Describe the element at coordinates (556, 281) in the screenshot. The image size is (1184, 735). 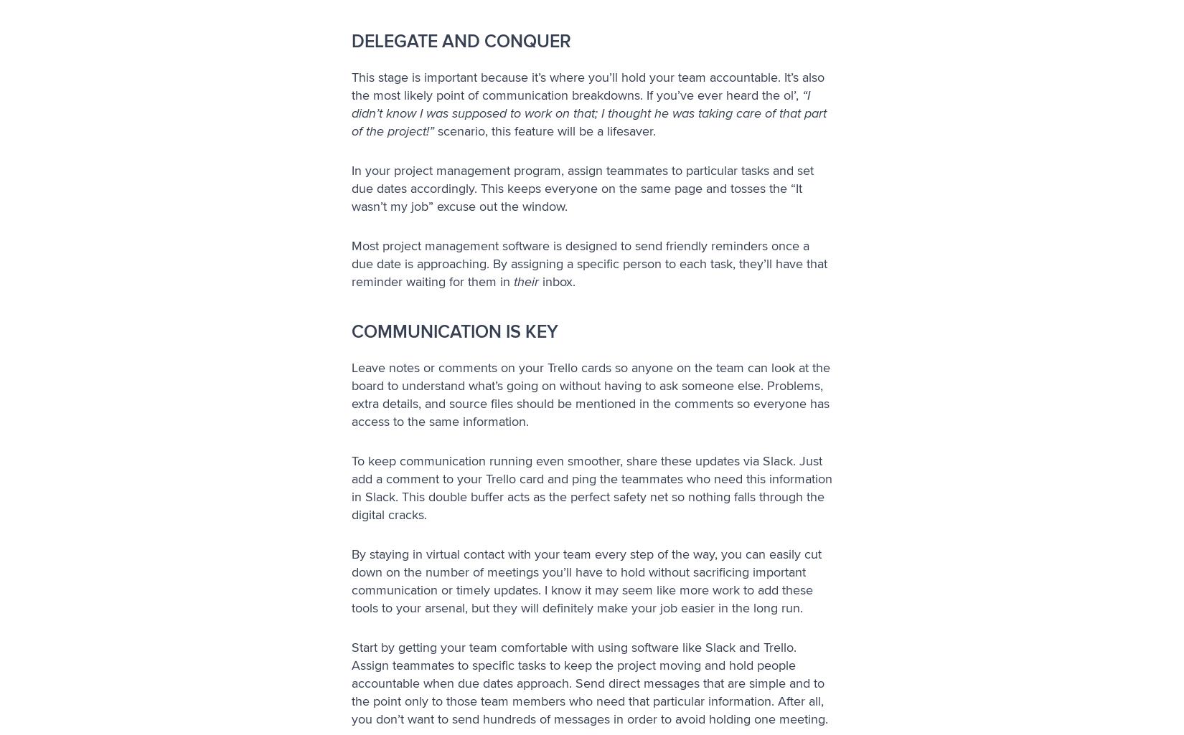
I see `'inbox.'` at that location.